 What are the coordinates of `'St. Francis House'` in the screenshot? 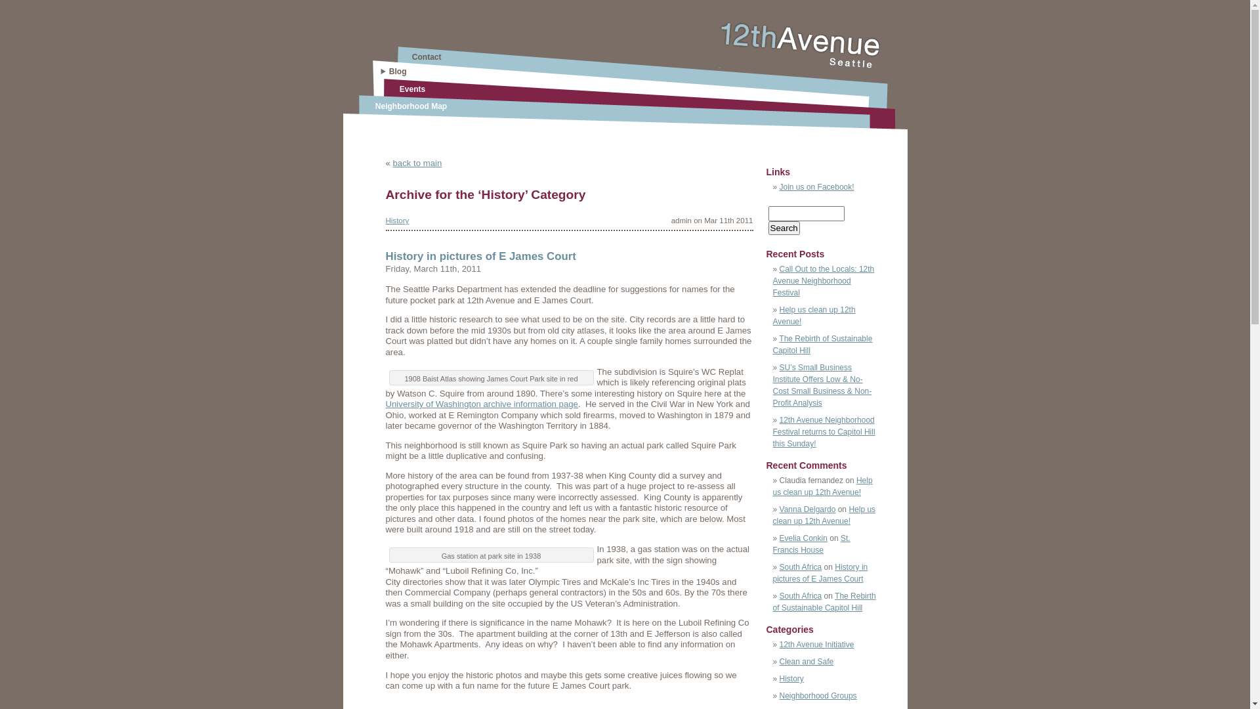 It's located at (811, 544).